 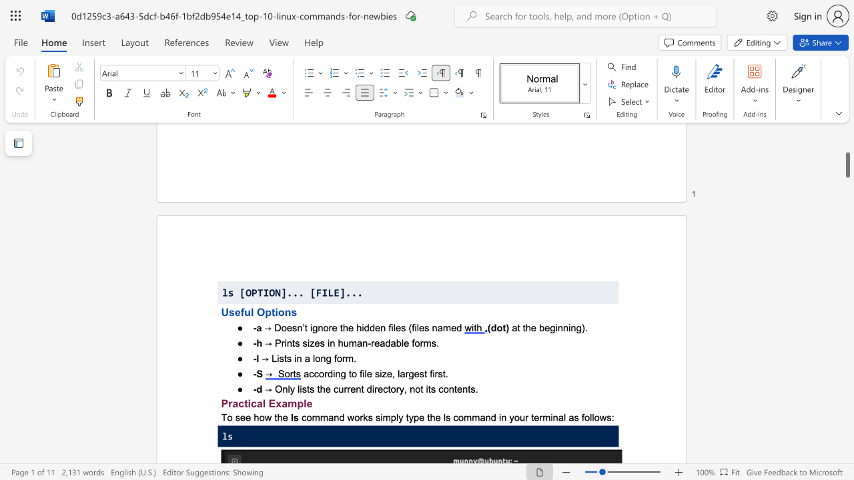 I want to click on the subset text "OPTION]..." within the text "ls [OPTION]... [FILE]...", so click(x=246, y=292).